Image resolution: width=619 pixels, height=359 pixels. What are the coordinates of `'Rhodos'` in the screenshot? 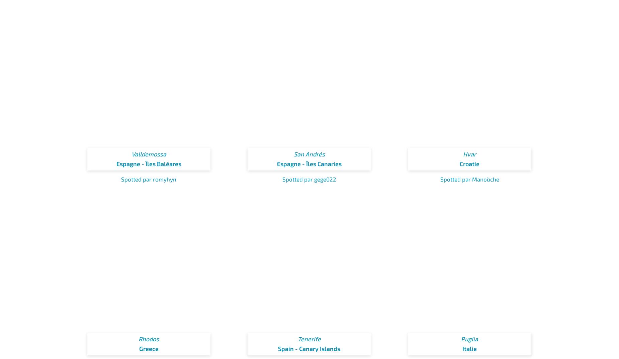 It's located at (148, 338).